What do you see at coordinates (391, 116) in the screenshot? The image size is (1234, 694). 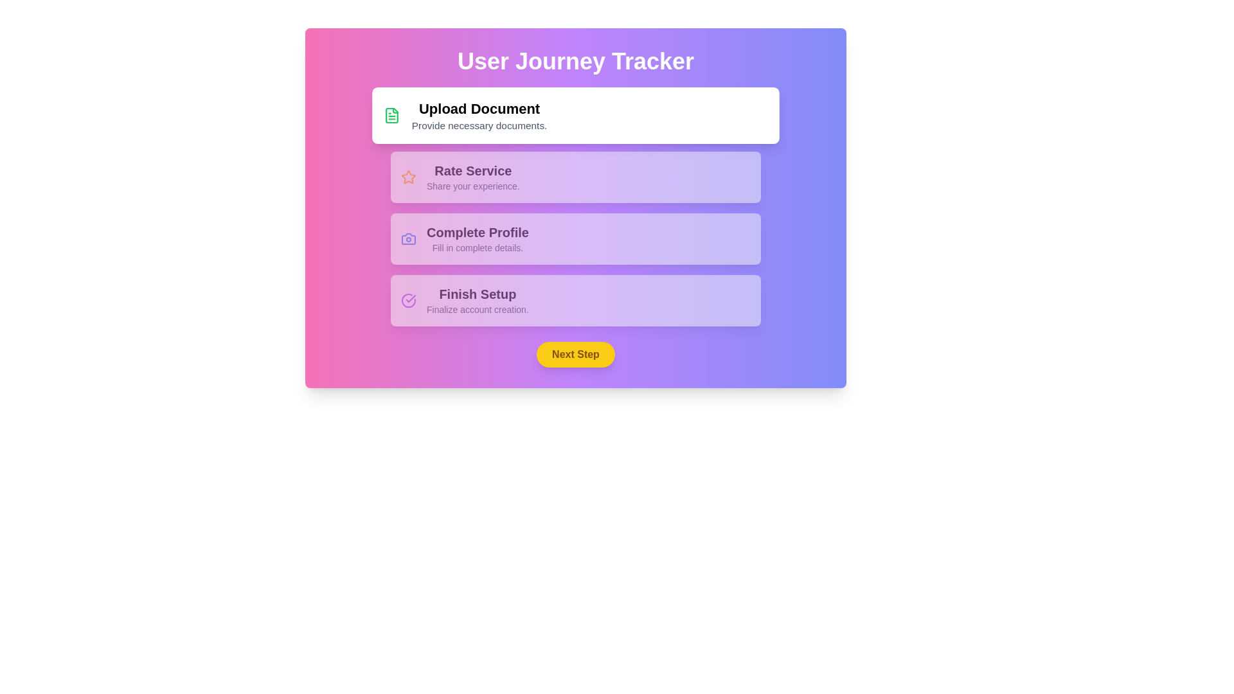 I see `the document upload icon located in the top left corner of the 'Upload Document' section, which features green accents and symbolizes a file upload action` at bounding box center [391, 116].